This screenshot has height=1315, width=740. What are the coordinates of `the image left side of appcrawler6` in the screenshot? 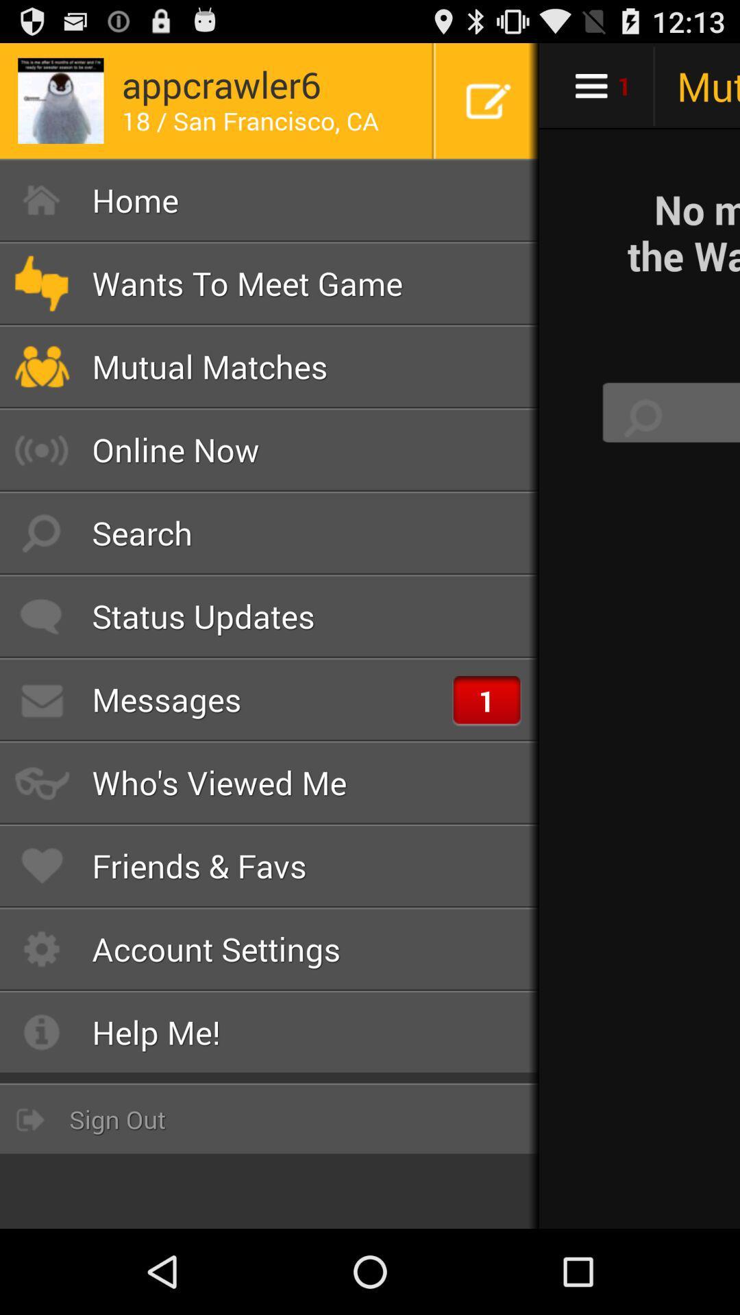 It's located at (60, 100).